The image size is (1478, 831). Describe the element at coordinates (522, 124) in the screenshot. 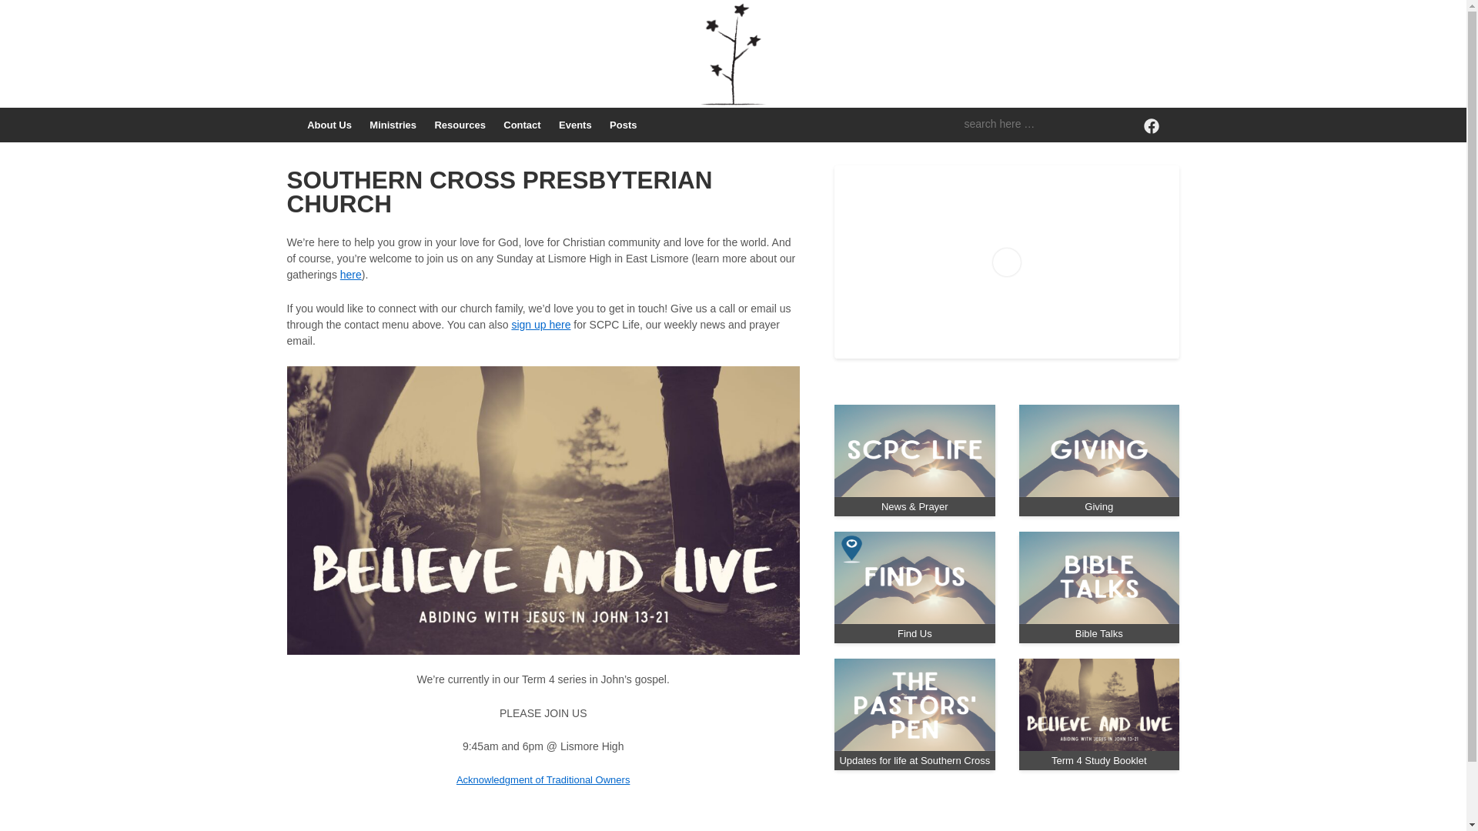

I see `'Contact'` at that location.